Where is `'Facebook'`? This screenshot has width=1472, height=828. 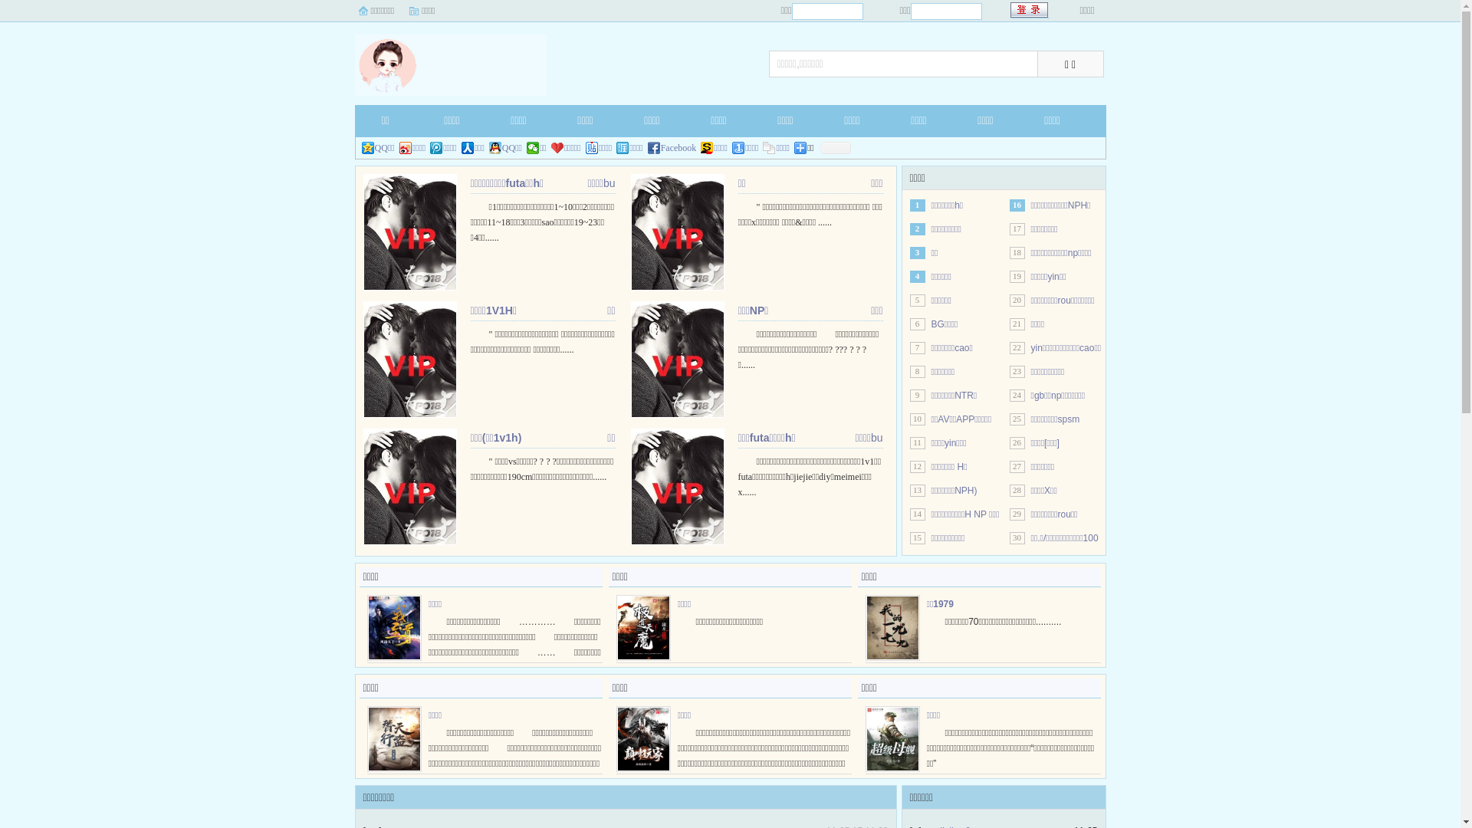
'Facebook' is located at coordinates (672, 147).